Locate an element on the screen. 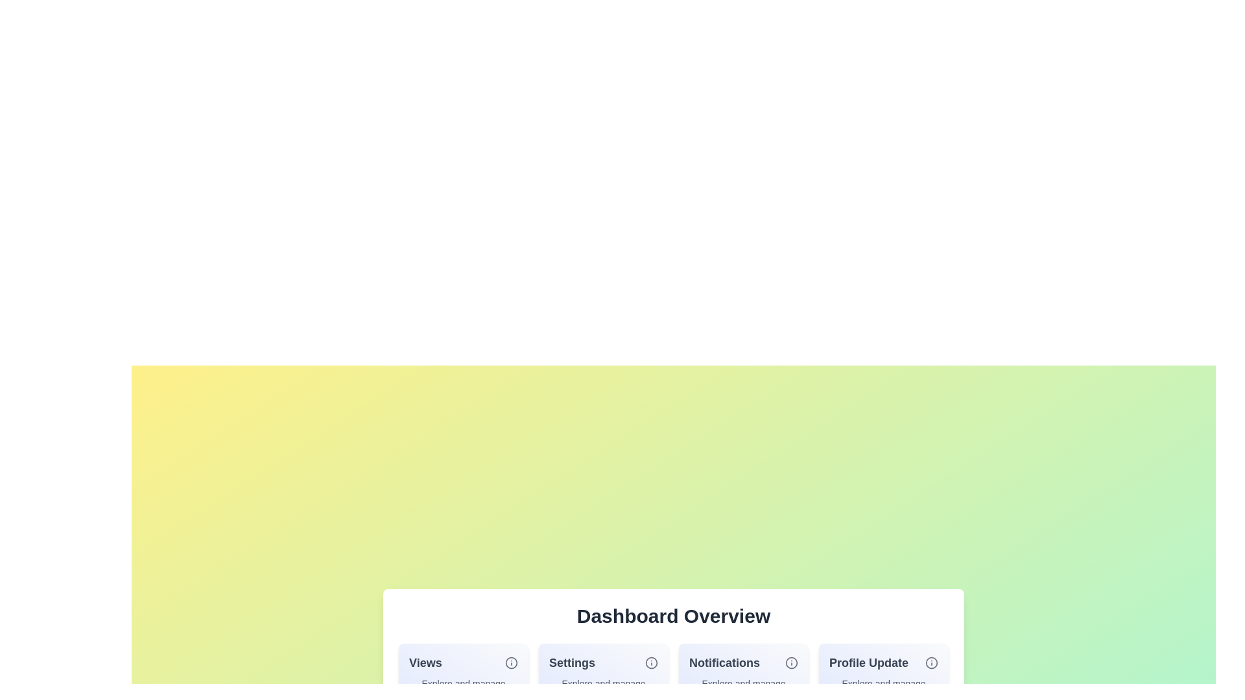 The height and width of the screenshot is (700, 1245). the information icon next to the 'Profile Update' text label is located at coordinates (883, 662).